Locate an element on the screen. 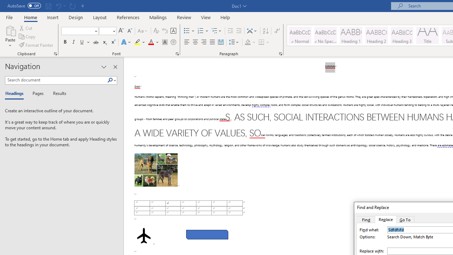 Image resolution: width=453 pixels, height=255 pixels. 'Enclose Characters...' is located at coordinates (173, 42).